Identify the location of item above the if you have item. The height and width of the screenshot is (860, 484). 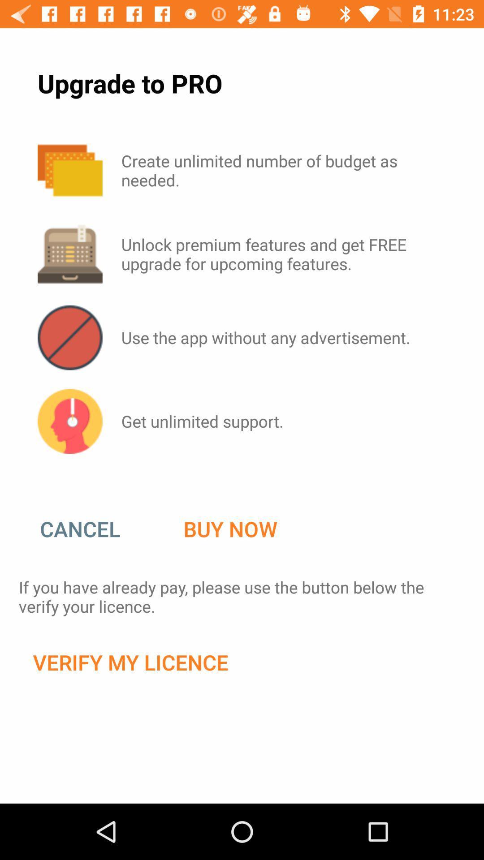
(89, 529).